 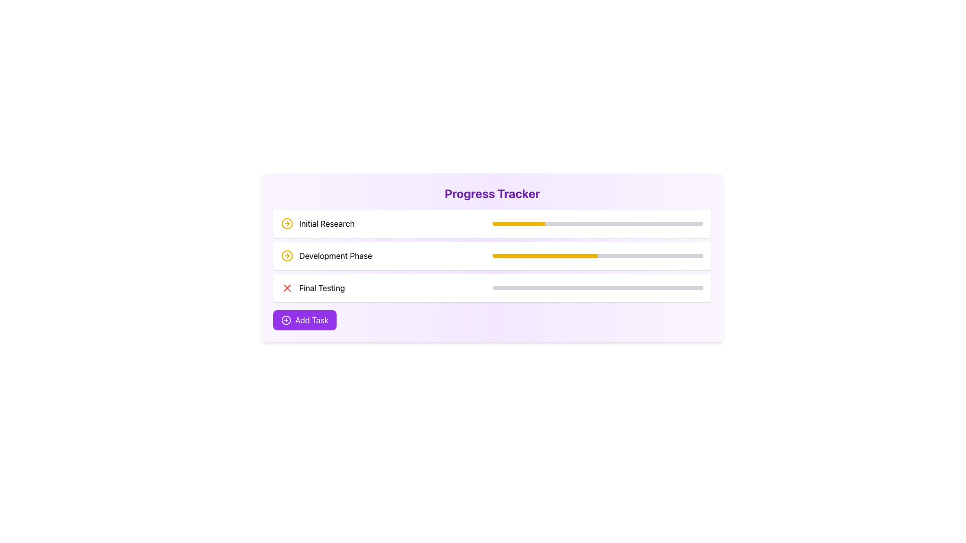 What do you see at coordinates (492, 255) in the screenshot?
I see `the central section of the Progress Tracker within the card labeled 'Progress Tracker'` at bounding box center [492, 255].